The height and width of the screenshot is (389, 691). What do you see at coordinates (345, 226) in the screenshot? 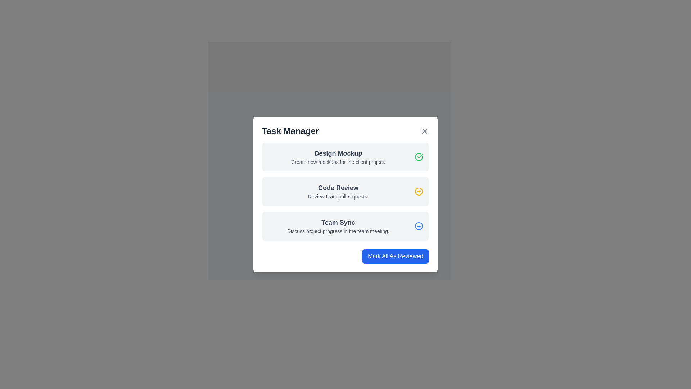
I see `the 'Team Sync' task item in the Task Manager` at bounding box center [345, 226].